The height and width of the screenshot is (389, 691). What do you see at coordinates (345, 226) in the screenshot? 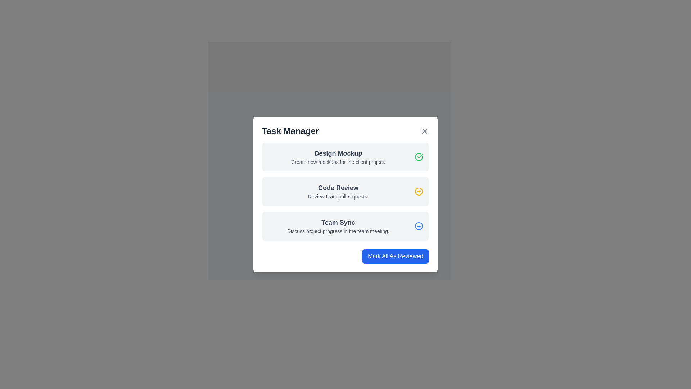
I see `the 'Team Sync' task item in the Task Manager` at bounding box center [345, 226].